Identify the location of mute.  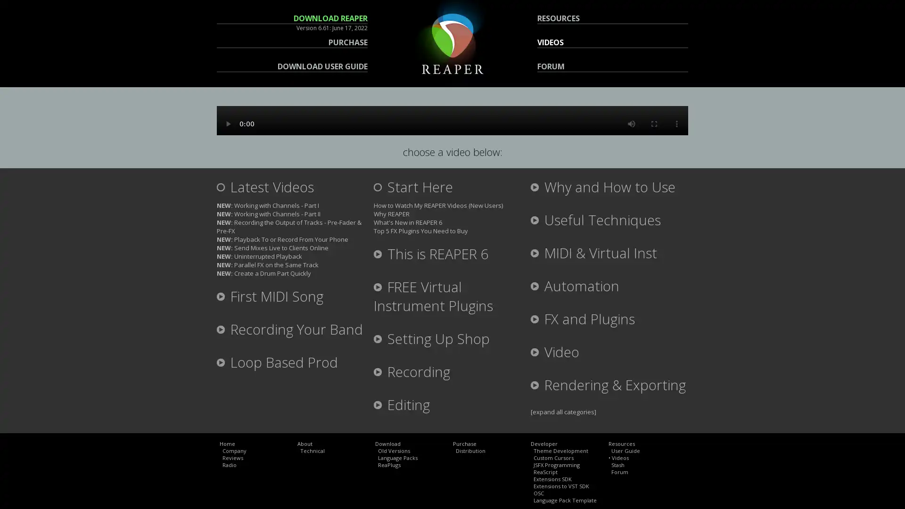
(631, 123).